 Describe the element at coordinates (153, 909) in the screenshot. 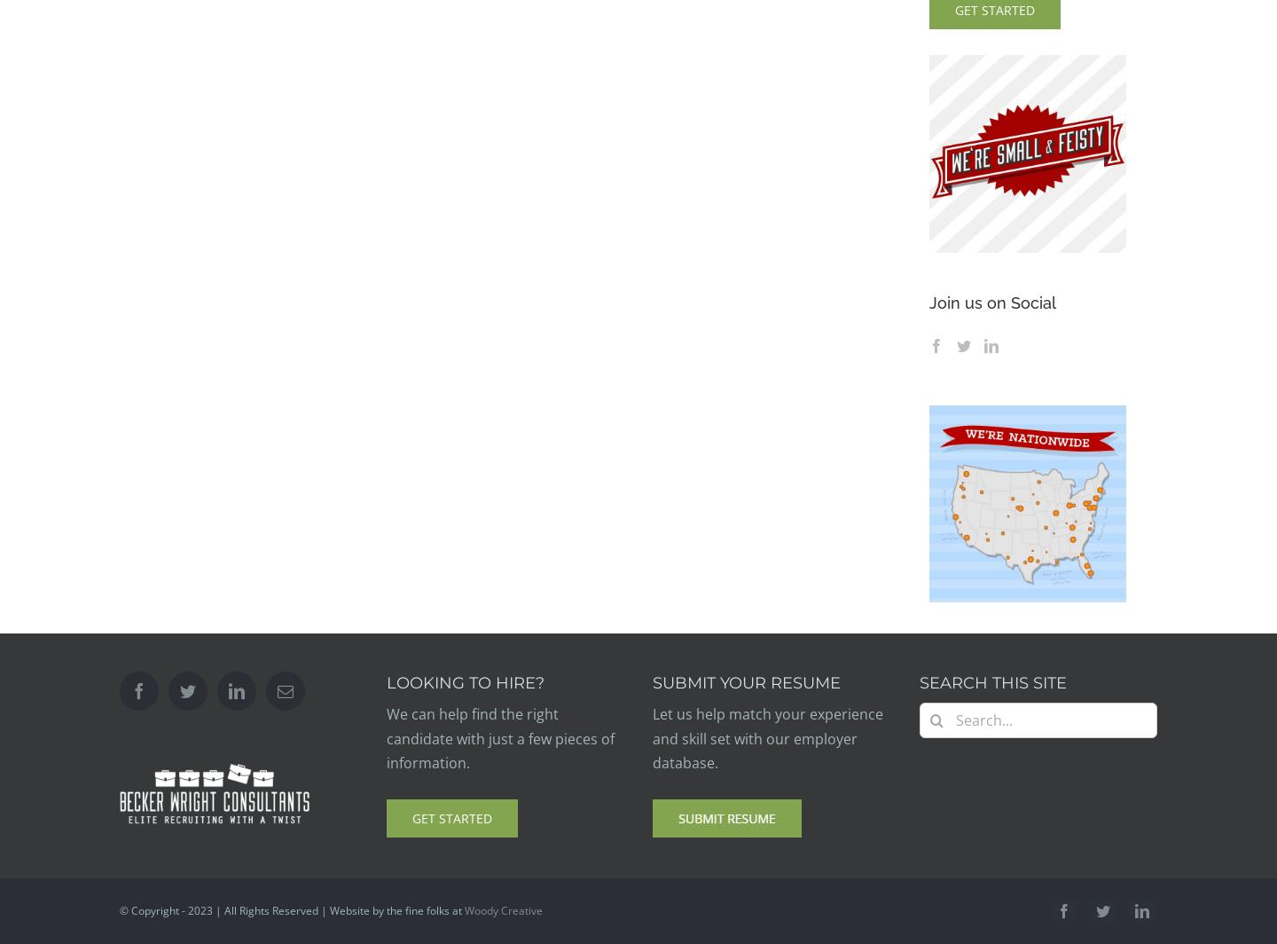

I see `'© Copyright -'` at that location.